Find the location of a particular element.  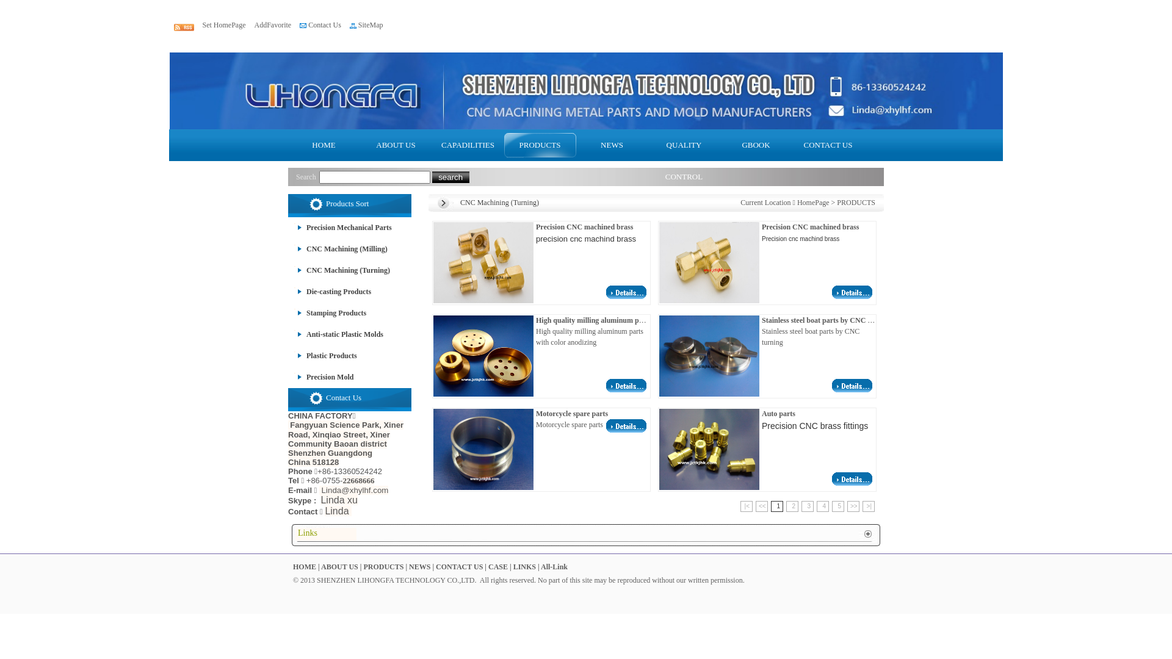

'AddFavorite' is located at coordinates (253, 25).